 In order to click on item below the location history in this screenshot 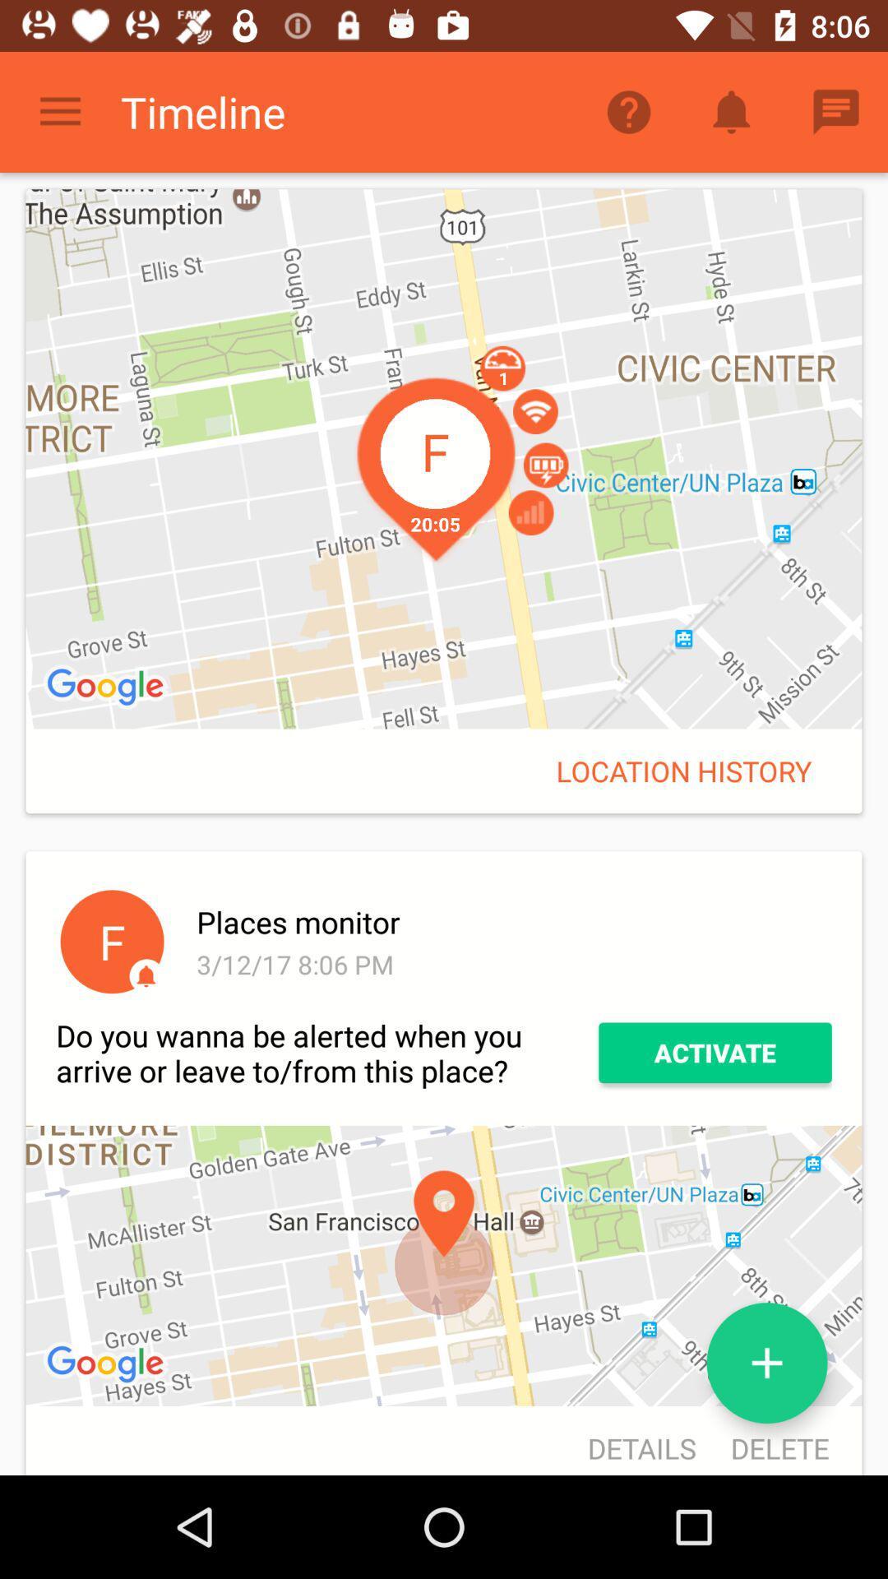, I will do `click(511, 922)`.